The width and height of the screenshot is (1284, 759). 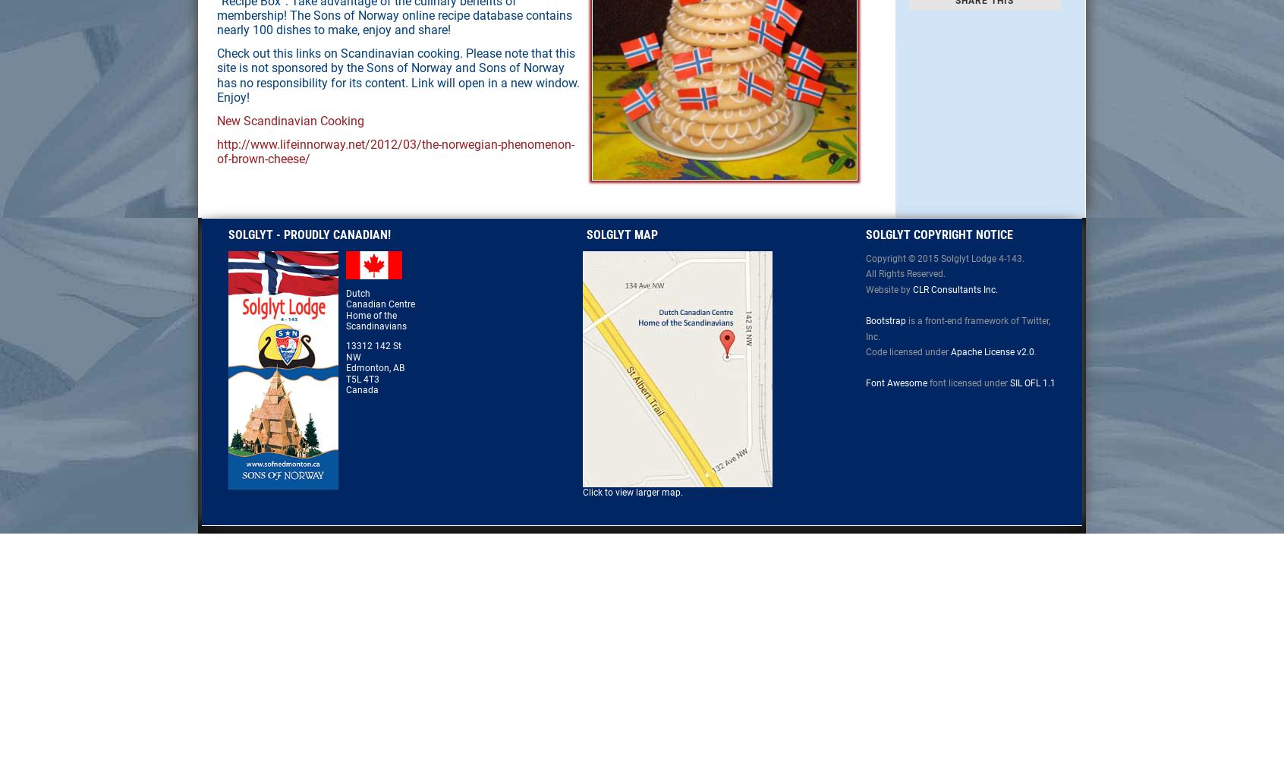 I want to click on 'CLR Consultants Inc.', so click(x=955, y=289).